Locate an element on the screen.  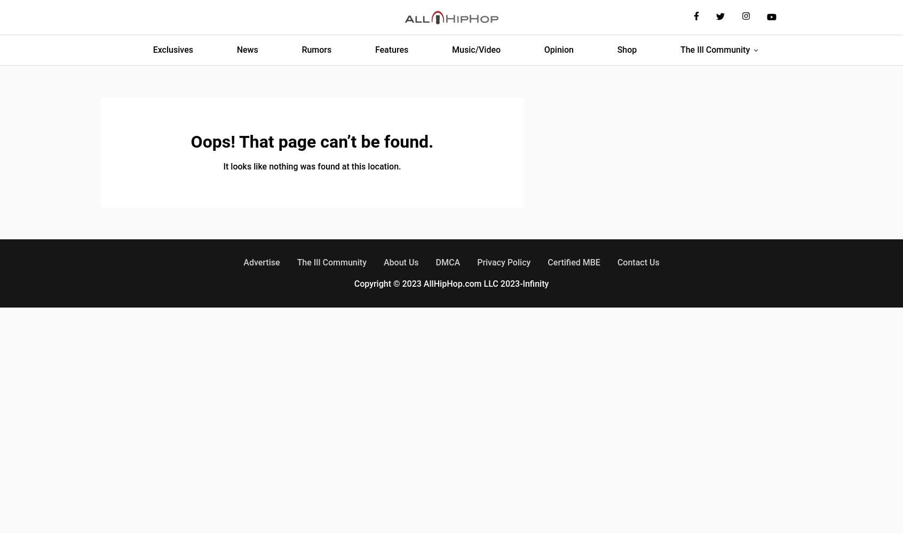
'Copyright © 2023 AllHipHop.com LLC 2023-Infinity' is located at coordinates (451, 284).